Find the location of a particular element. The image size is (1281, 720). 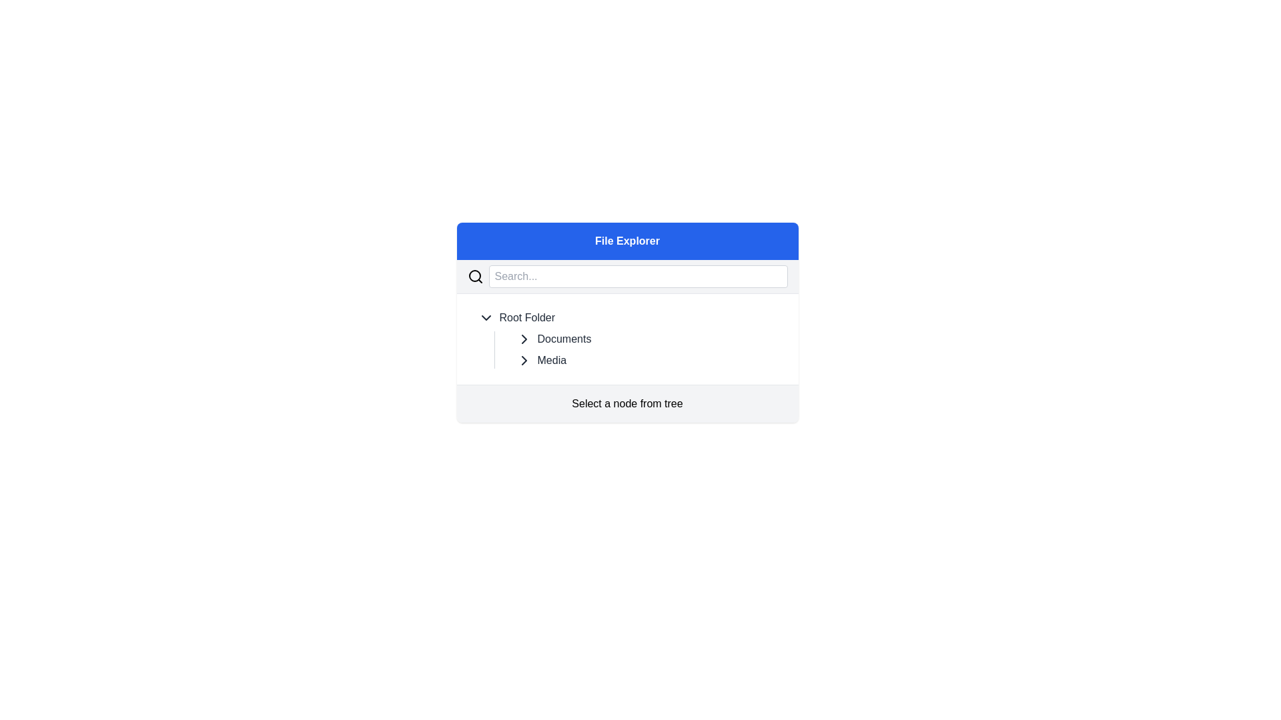

the arrow icon pointing to the right, which is located underneath the 'Root Folder' text and adjacent to the 'Documents' folder label, to potentially display a tooltip is located at coordinates (523, 360).